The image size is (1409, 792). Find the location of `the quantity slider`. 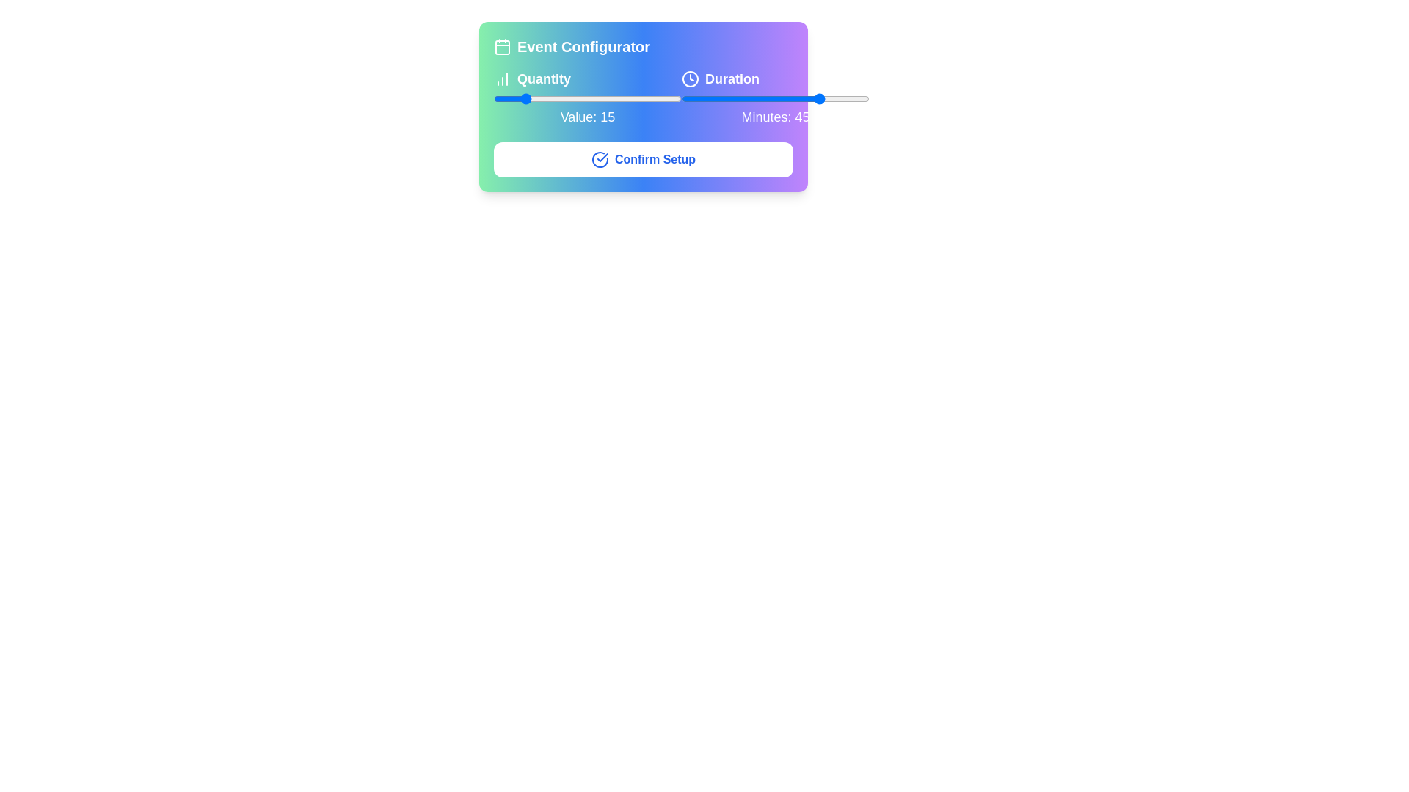

the quantity slider is located at coordinates (522, 99).